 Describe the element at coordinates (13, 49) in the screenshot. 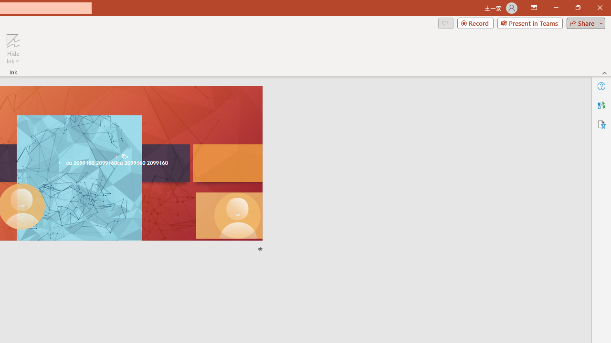

I see `'Hide Ink'` at that location.